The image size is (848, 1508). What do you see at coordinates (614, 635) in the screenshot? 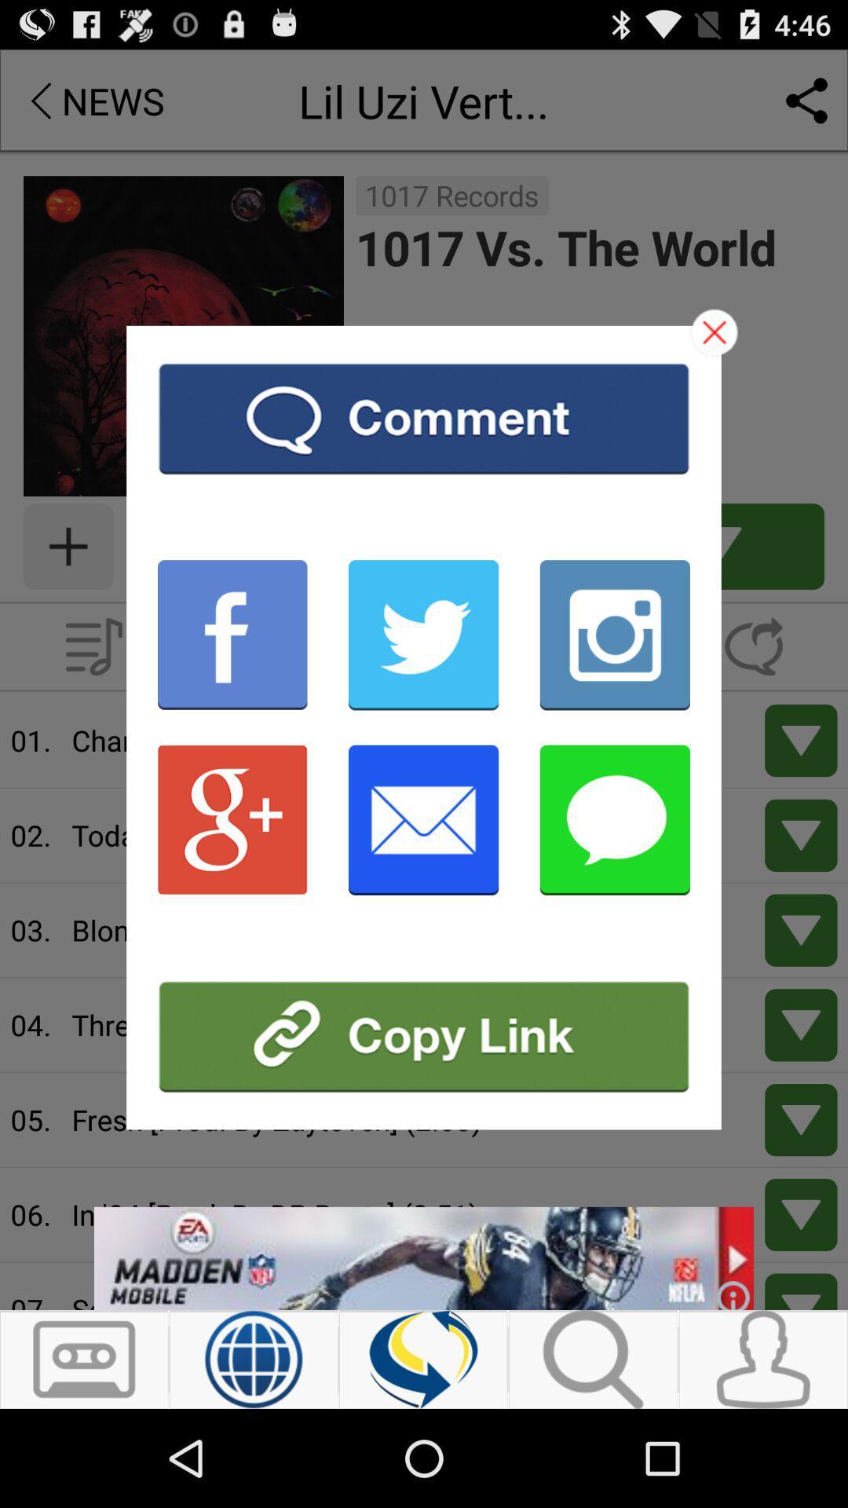
I see `camera` at bounding box center [614, 635].